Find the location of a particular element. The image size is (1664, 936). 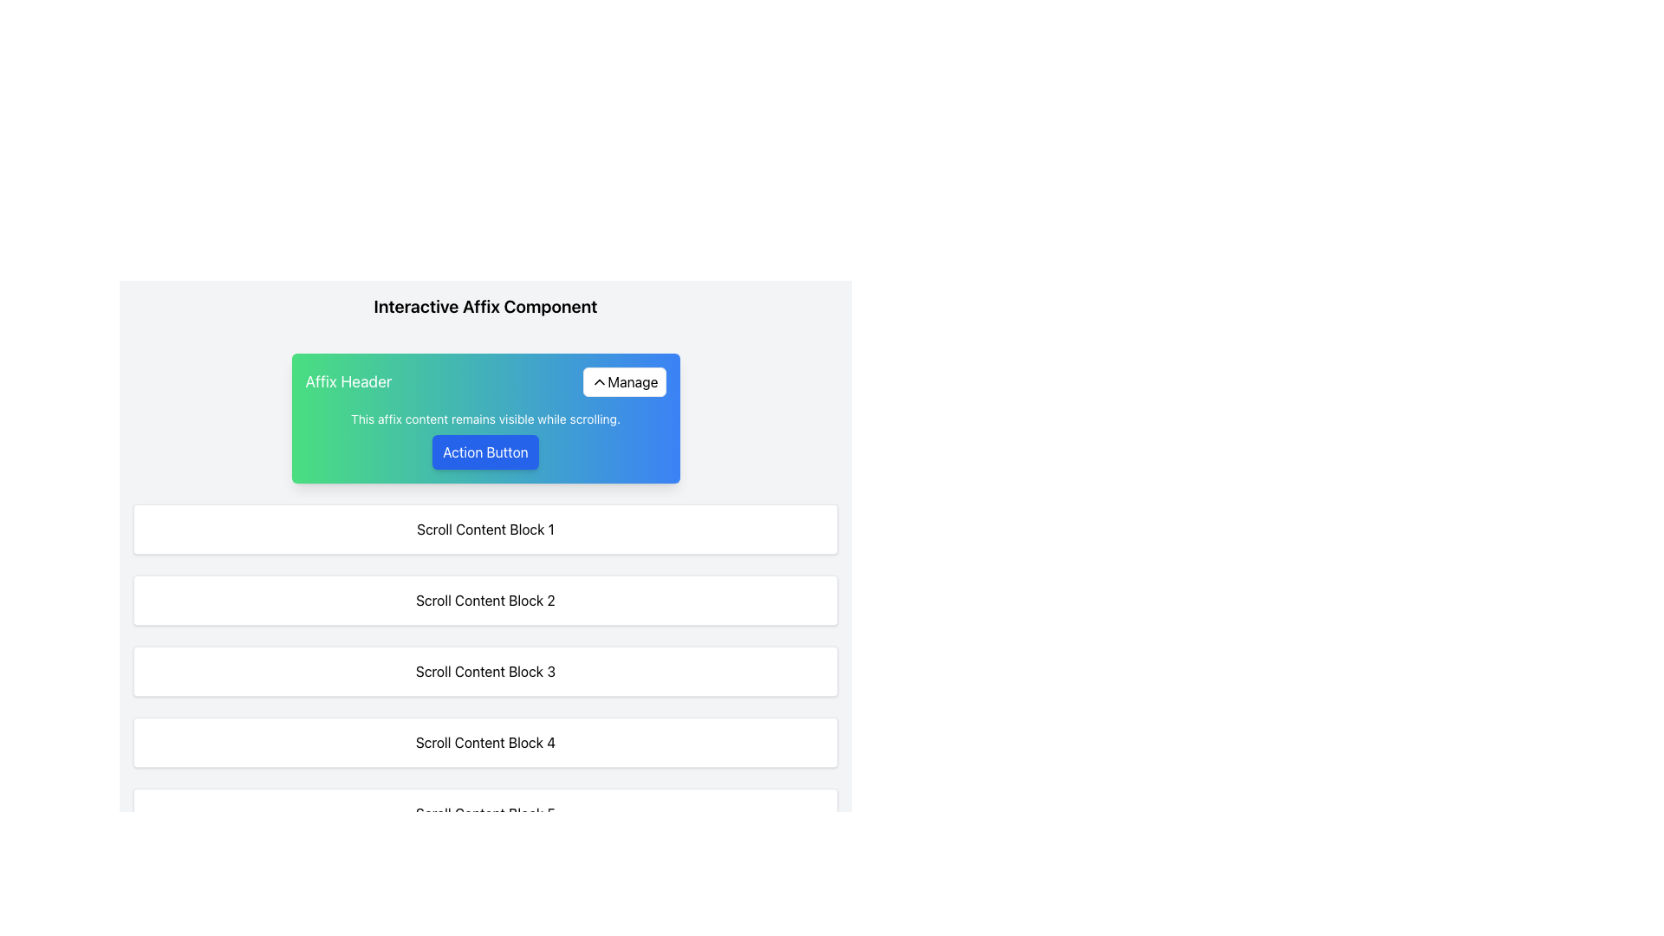

the static text label that displays 'This affix content remains visible while scrolling.' is located at coordinates (485, 419).